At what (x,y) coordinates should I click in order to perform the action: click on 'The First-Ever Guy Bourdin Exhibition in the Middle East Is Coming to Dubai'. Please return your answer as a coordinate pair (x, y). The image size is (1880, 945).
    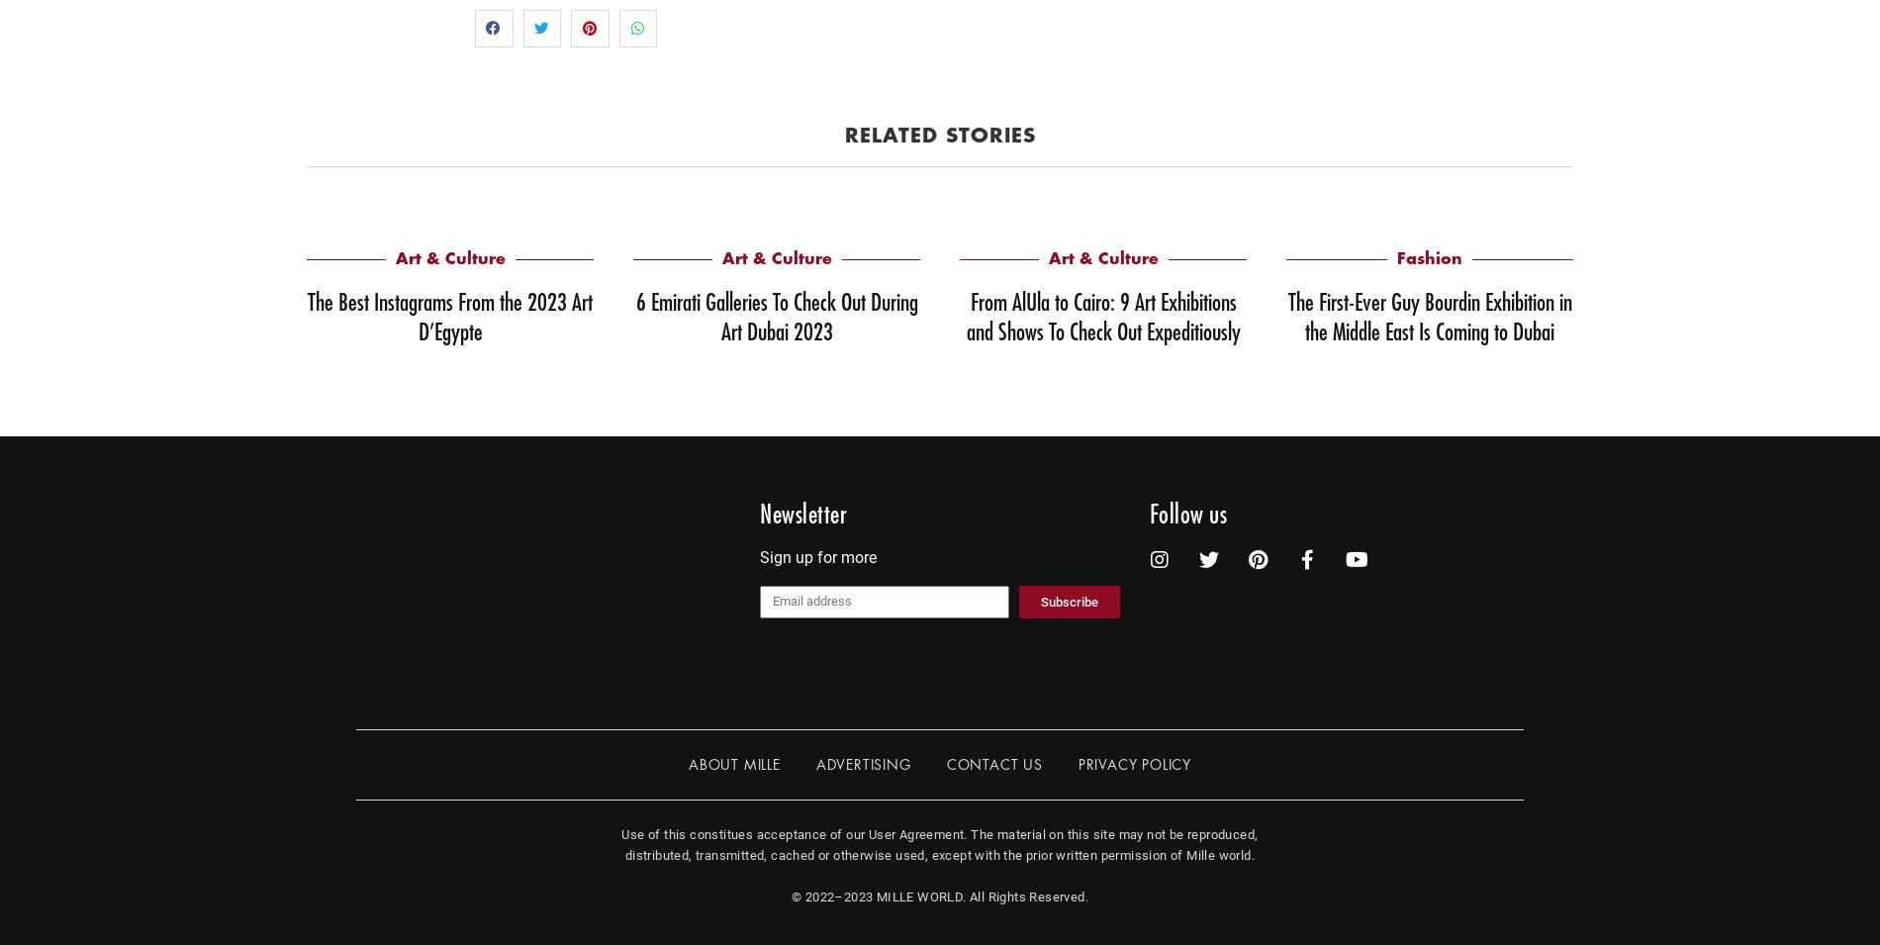
    Looking at the image, I should click on (1429, 316).